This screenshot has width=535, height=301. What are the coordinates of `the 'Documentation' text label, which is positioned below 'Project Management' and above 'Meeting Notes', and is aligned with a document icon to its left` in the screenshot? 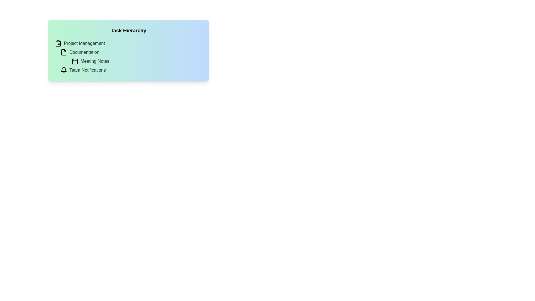 It's located at (84, 52).